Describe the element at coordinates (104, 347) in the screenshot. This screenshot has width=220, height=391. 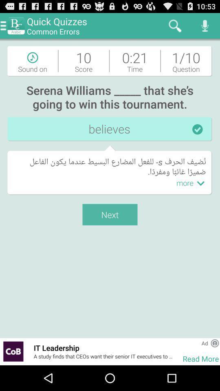
I see `the item below next icon` at that location.